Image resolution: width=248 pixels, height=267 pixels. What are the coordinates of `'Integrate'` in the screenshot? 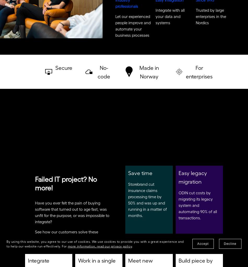 It's located at (39, 262).